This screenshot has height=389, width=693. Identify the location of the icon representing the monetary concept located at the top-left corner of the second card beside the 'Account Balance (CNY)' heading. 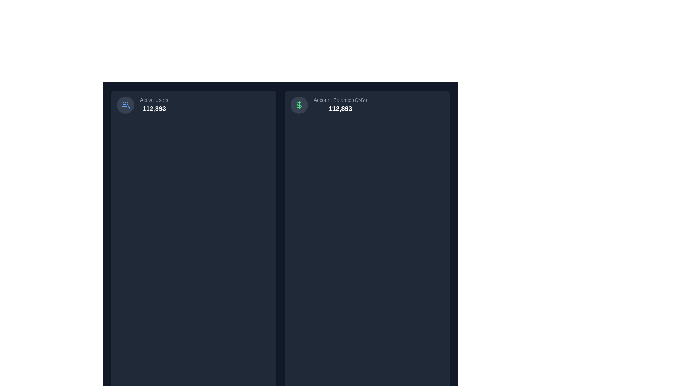
(299, 105).